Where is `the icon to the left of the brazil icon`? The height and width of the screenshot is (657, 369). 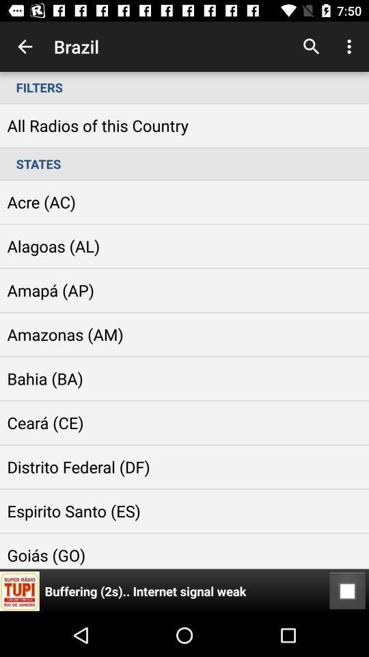 the icon to the left of the brazil icon is located at coordinates (25, 47).